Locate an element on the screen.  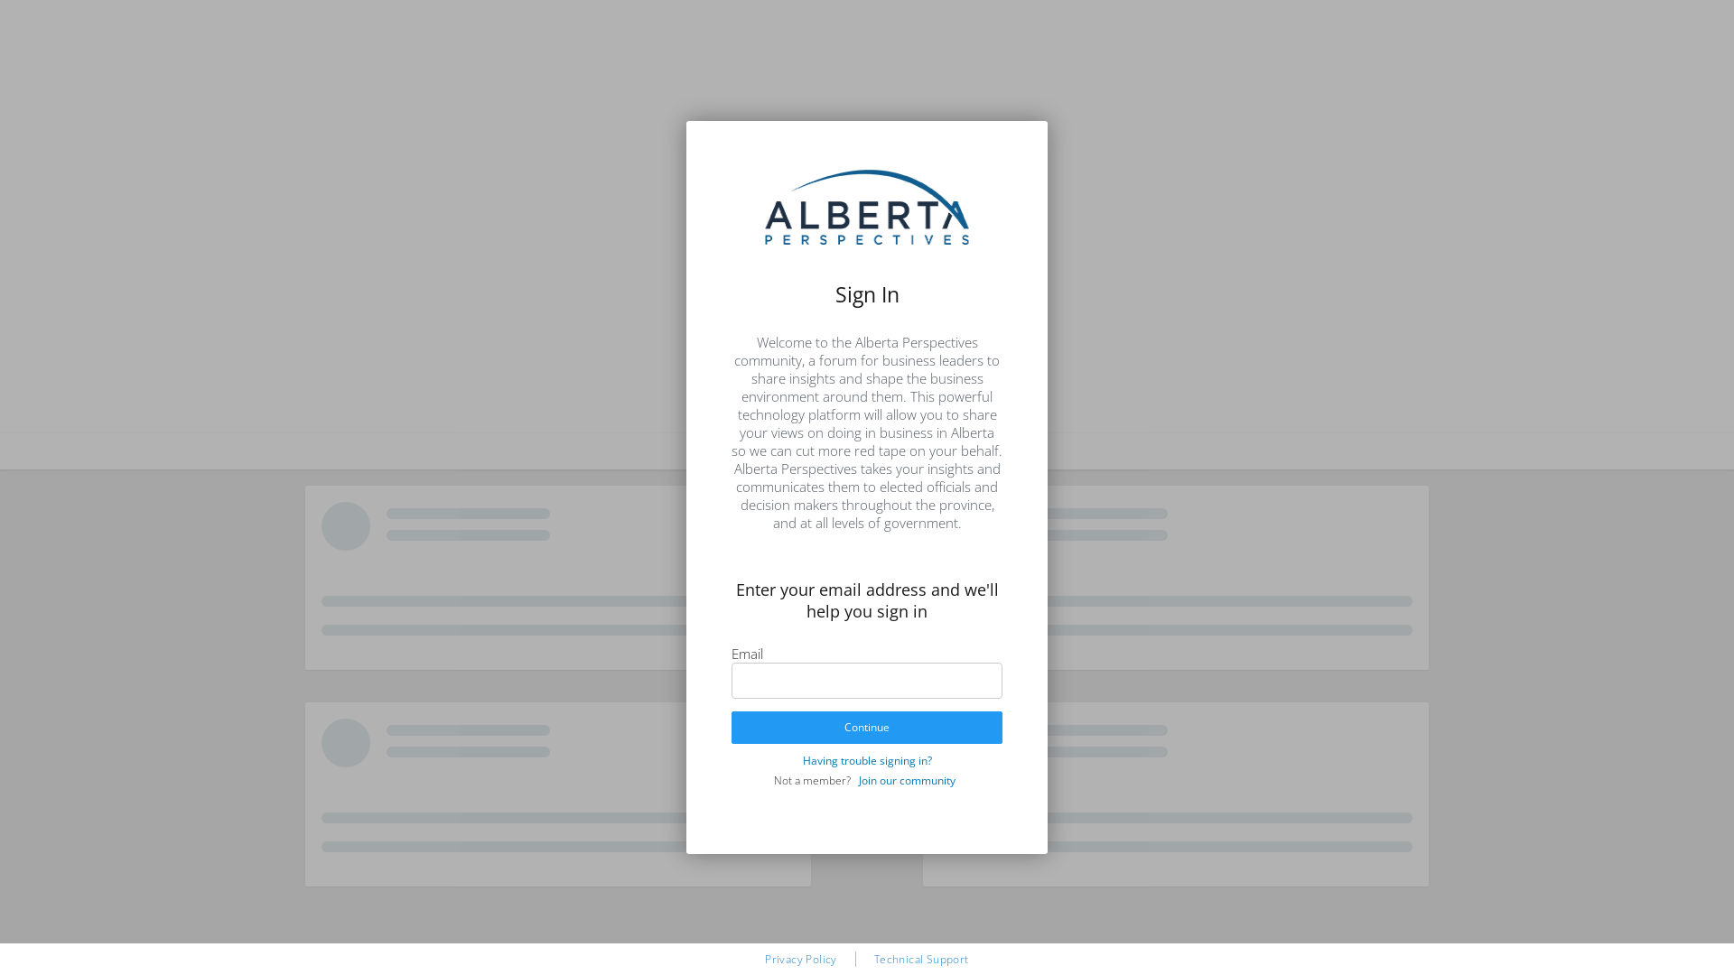
'Continue' is located at coordinates (732, 727).